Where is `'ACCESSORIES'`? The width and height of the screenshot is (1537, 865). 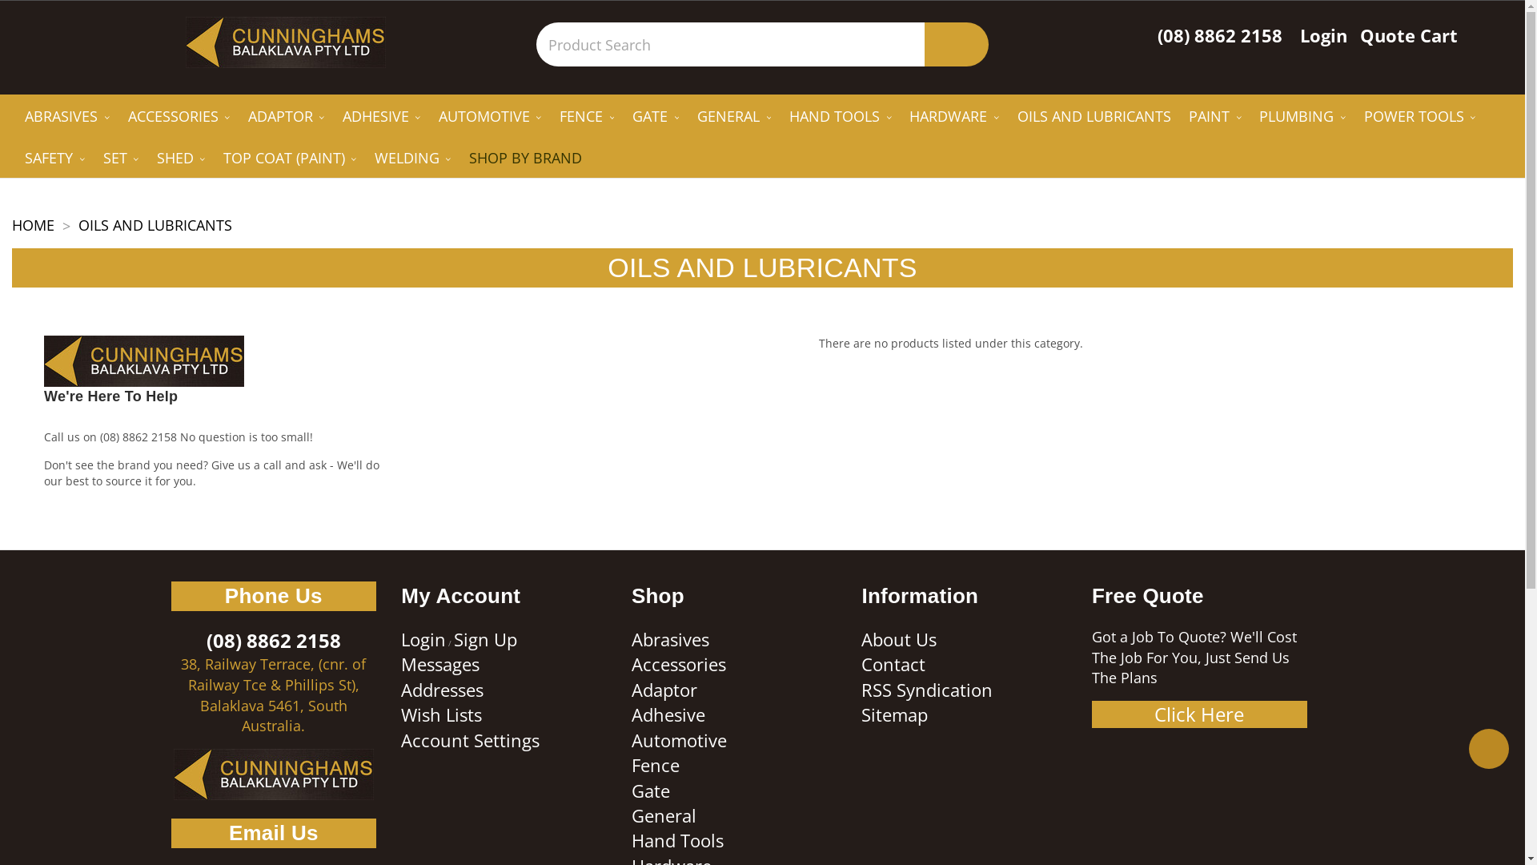
'ACCESSORIES' is located at coordinates (178, 117).